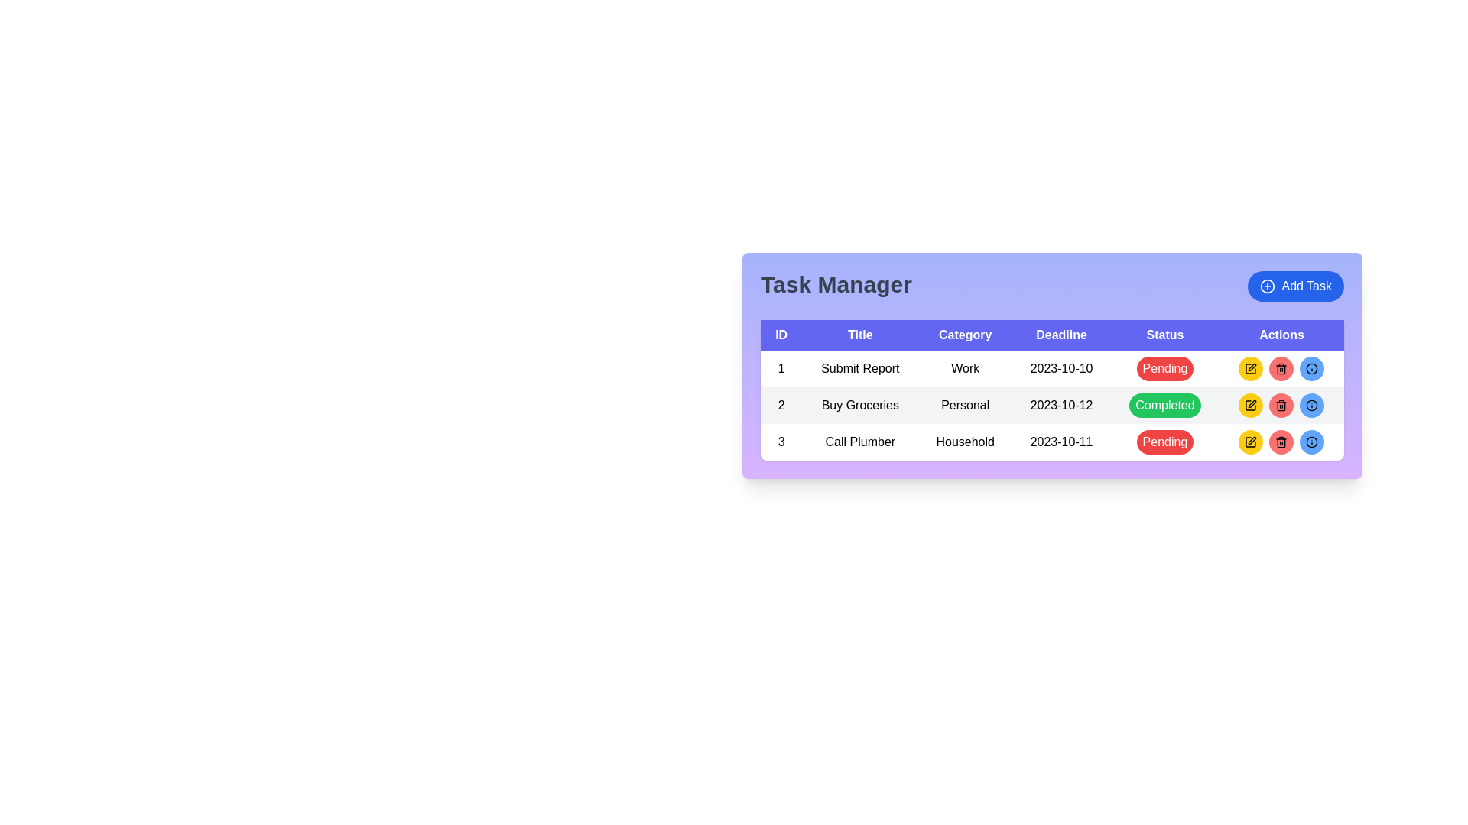  What do you see at coordinates (1251, 442) in the screenshot?
I see `the edit action button in the 'Actions' column of the third row for the task titled 'Call Plumber' to initiate editing` at bounding box center [1251, 442].